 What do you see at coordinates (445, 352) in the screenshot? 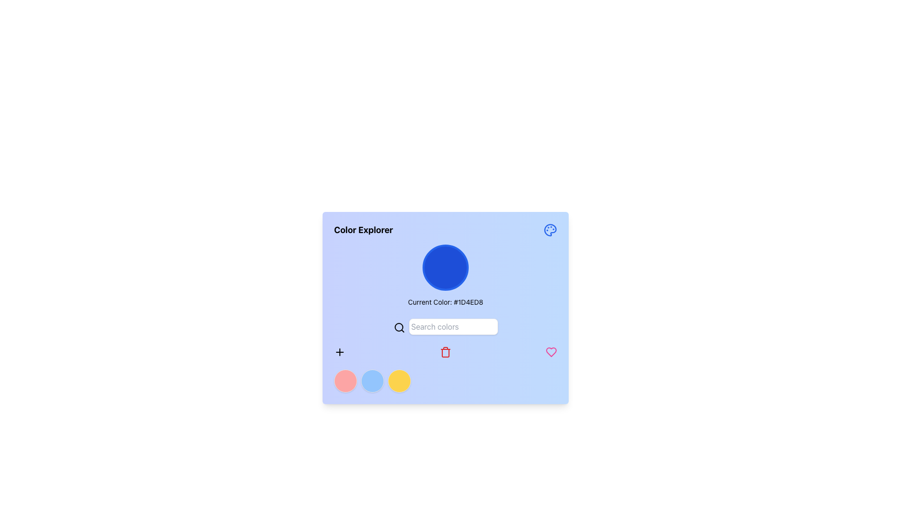
I see `the Trash/Delete Button located as the second icon in a row of three at the bottom section beneath the color search box` at bounding box center [445, 352].